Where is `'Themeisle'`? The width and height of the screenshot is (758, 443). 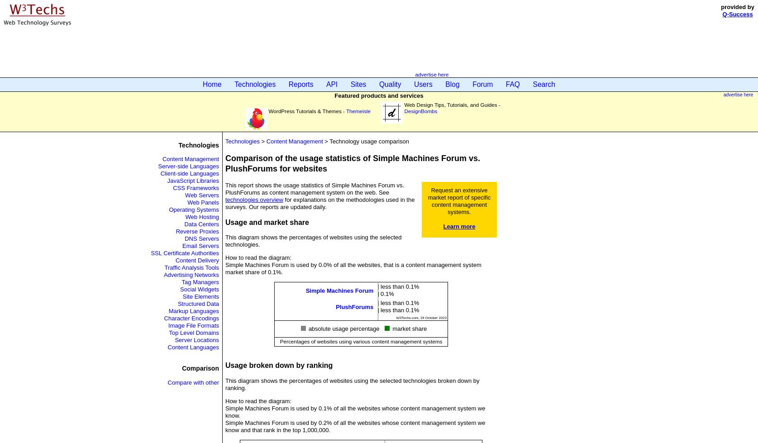 'Themeisle' is located at coordinates (345, 111).